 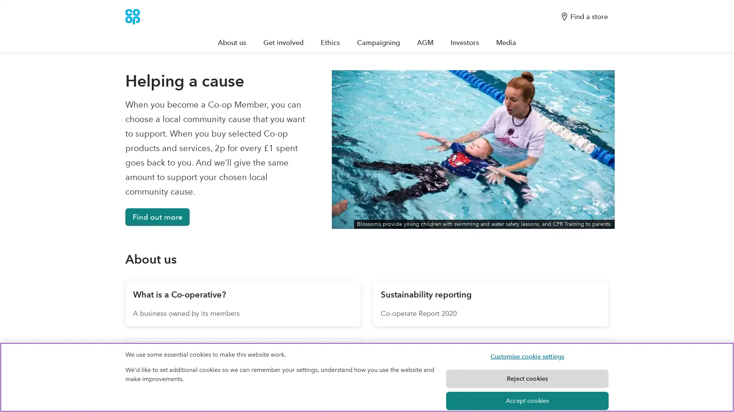 I want to click on Accept cookies, so click(x=526, y=400).